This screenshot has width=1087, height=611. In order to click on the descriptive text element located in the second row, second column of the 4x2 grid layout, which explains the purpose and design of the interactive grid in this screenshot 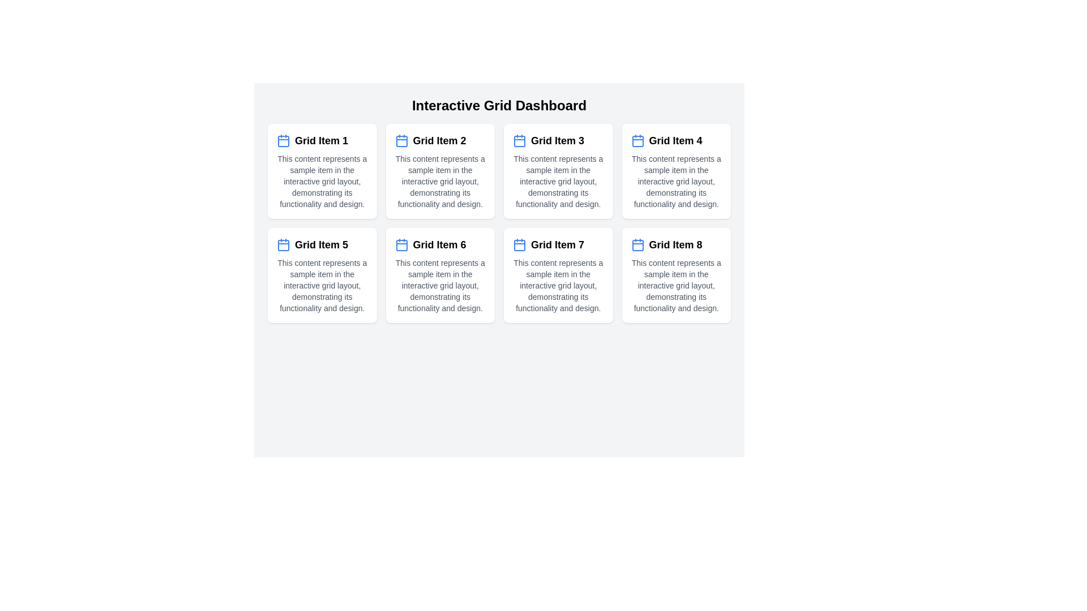, I will do `click(439, 285)`.